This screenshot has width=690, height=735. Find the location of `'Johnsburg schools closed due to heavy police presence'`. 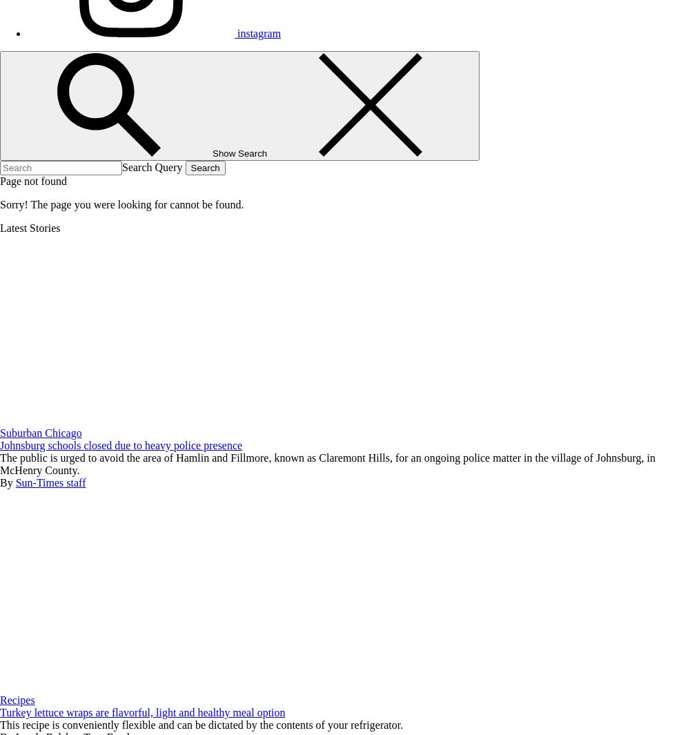

'Johnsburg schools closed due to heavy police presence' is located at coordinates (0, 445).